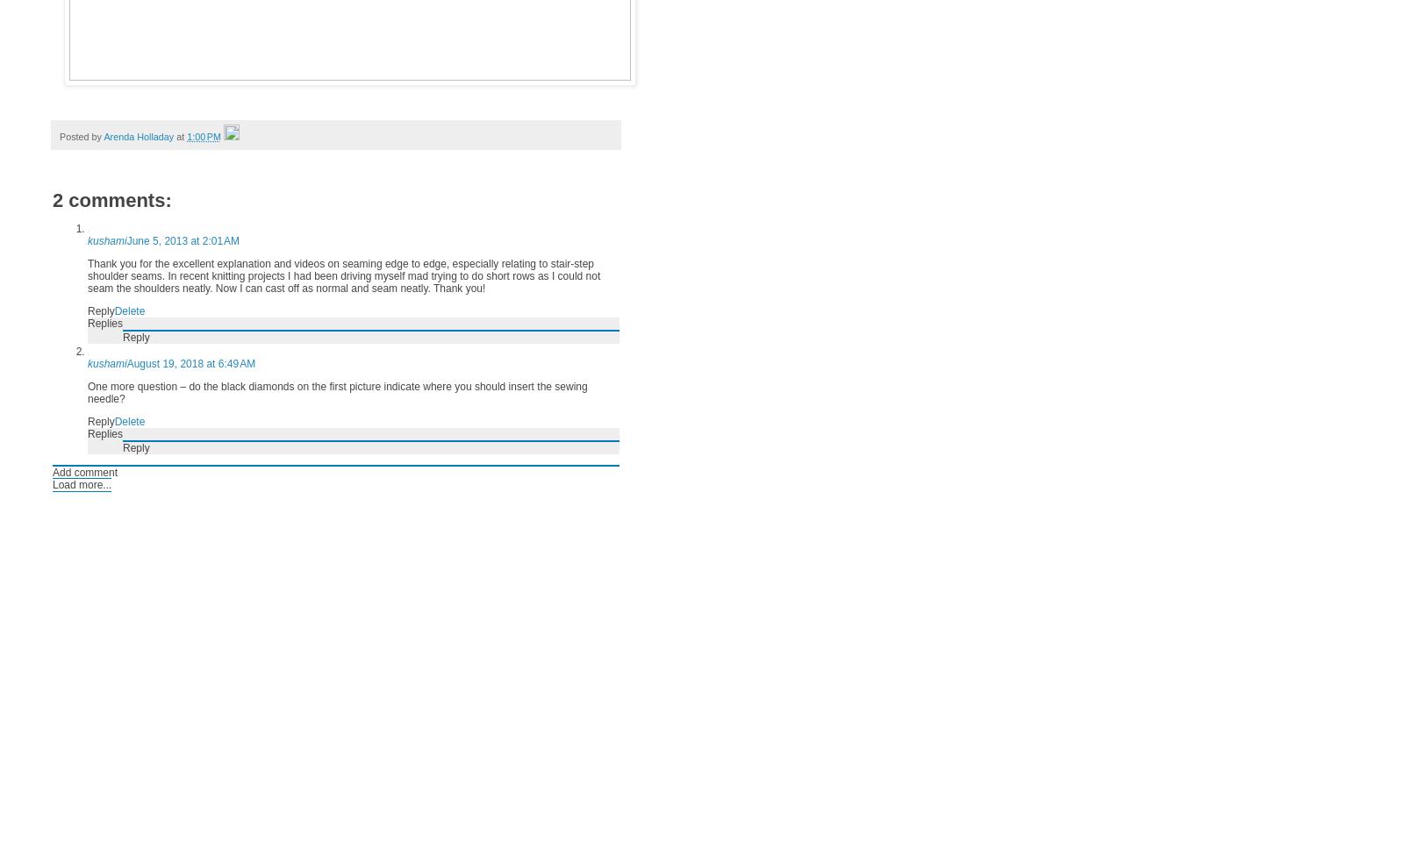 This screenshot has width=1411, height=856. What do you see at coordinates (337, 391) in the screenshot?
I see `'One more question – do the black diamonds on the first picture indicate where you should insert the sewing needle?'` at bounding box center [337, 391].